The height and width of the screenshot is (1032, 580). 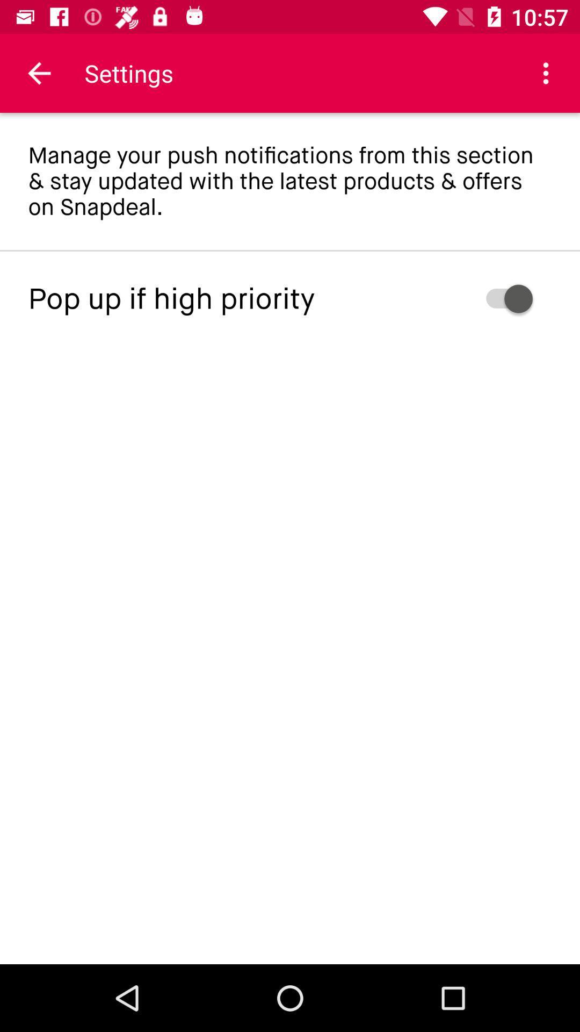 What do you see at coordinates (546, 73) in the screenshot?
I see `the icon next to the settings icon` at bounding box center [546, 73].